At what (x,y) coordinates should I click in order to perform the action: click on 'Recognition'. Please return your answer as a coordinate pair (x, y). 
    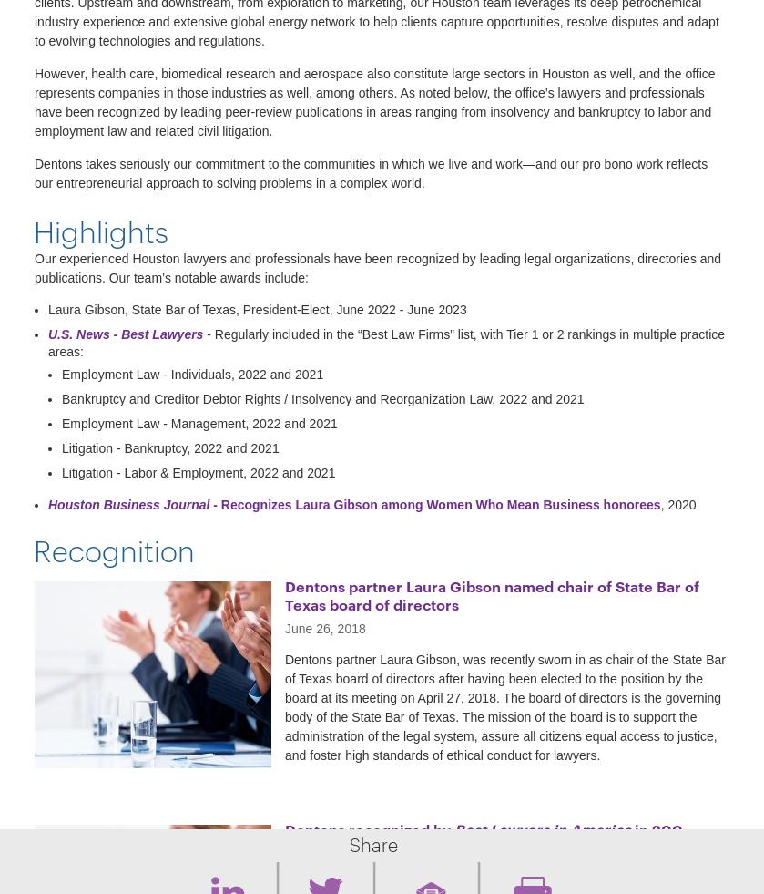
    Looking at the image, I should click on (114, 549).